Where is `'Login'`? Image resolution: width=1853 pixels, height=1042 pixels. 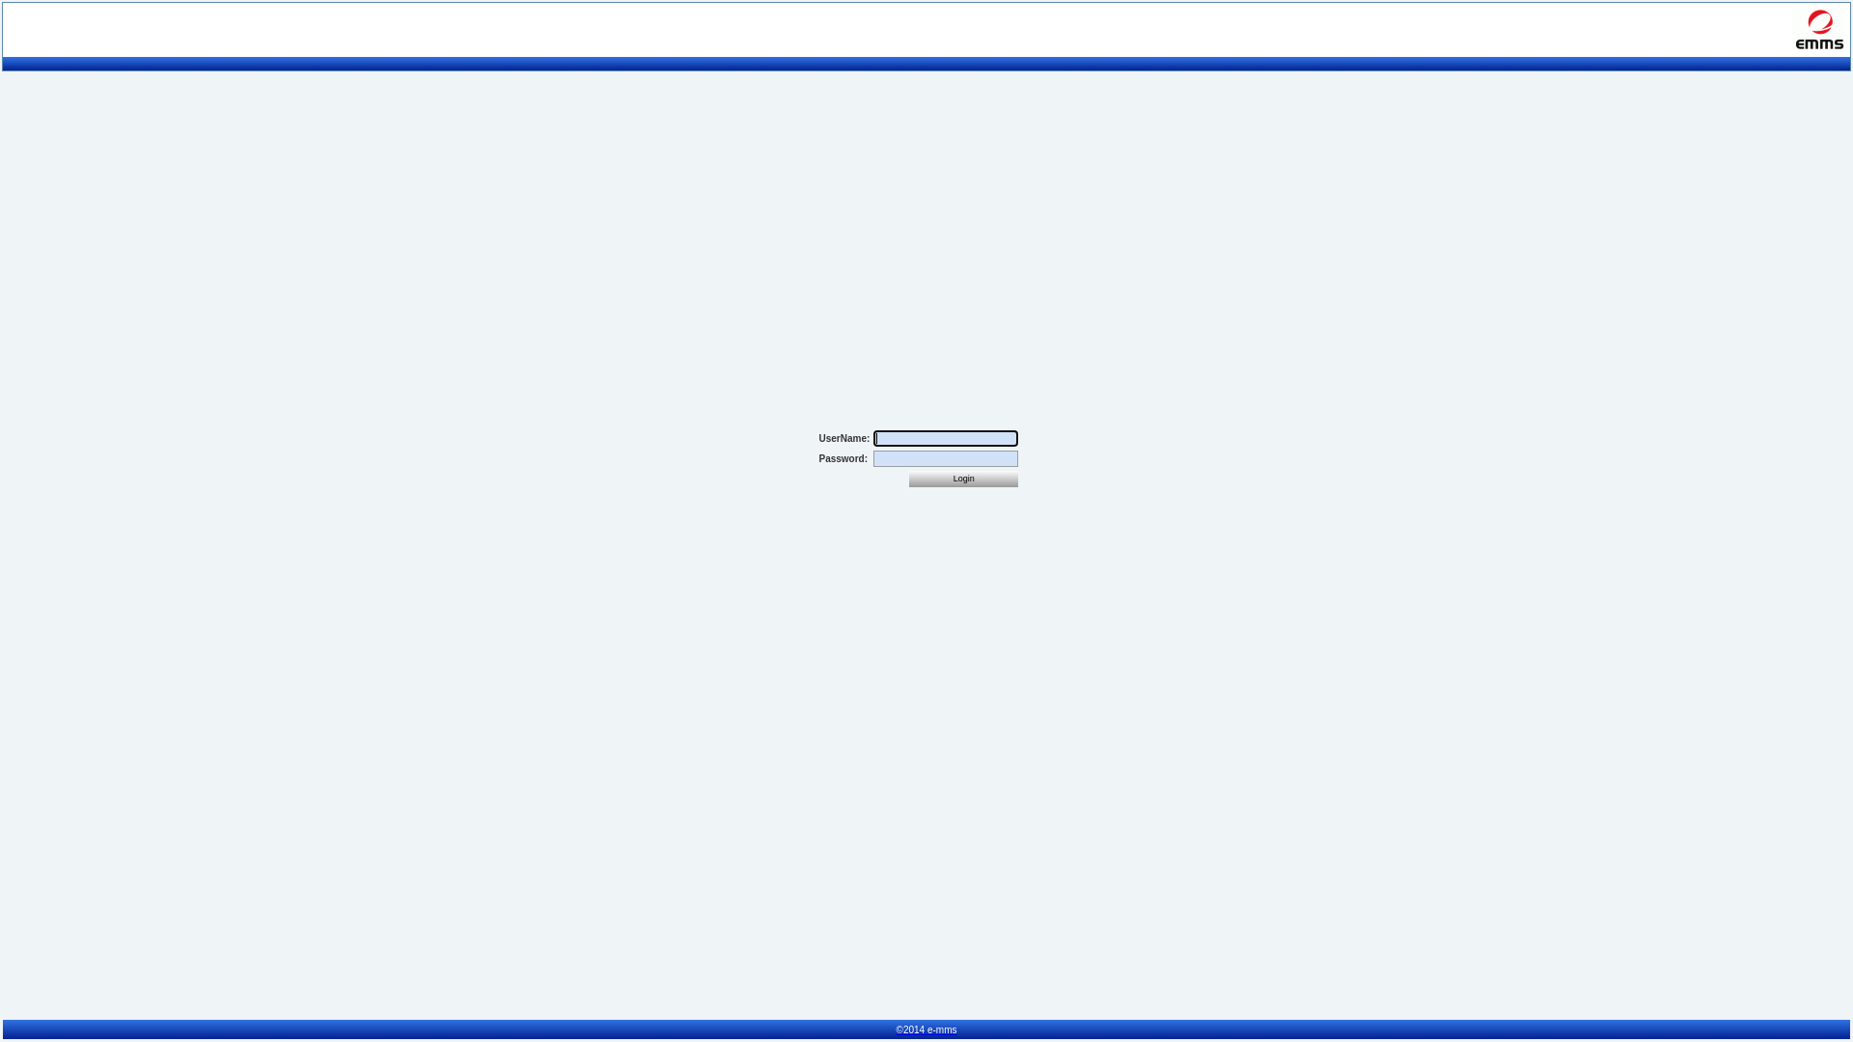
'Login' is located at coordinates (963, 478).